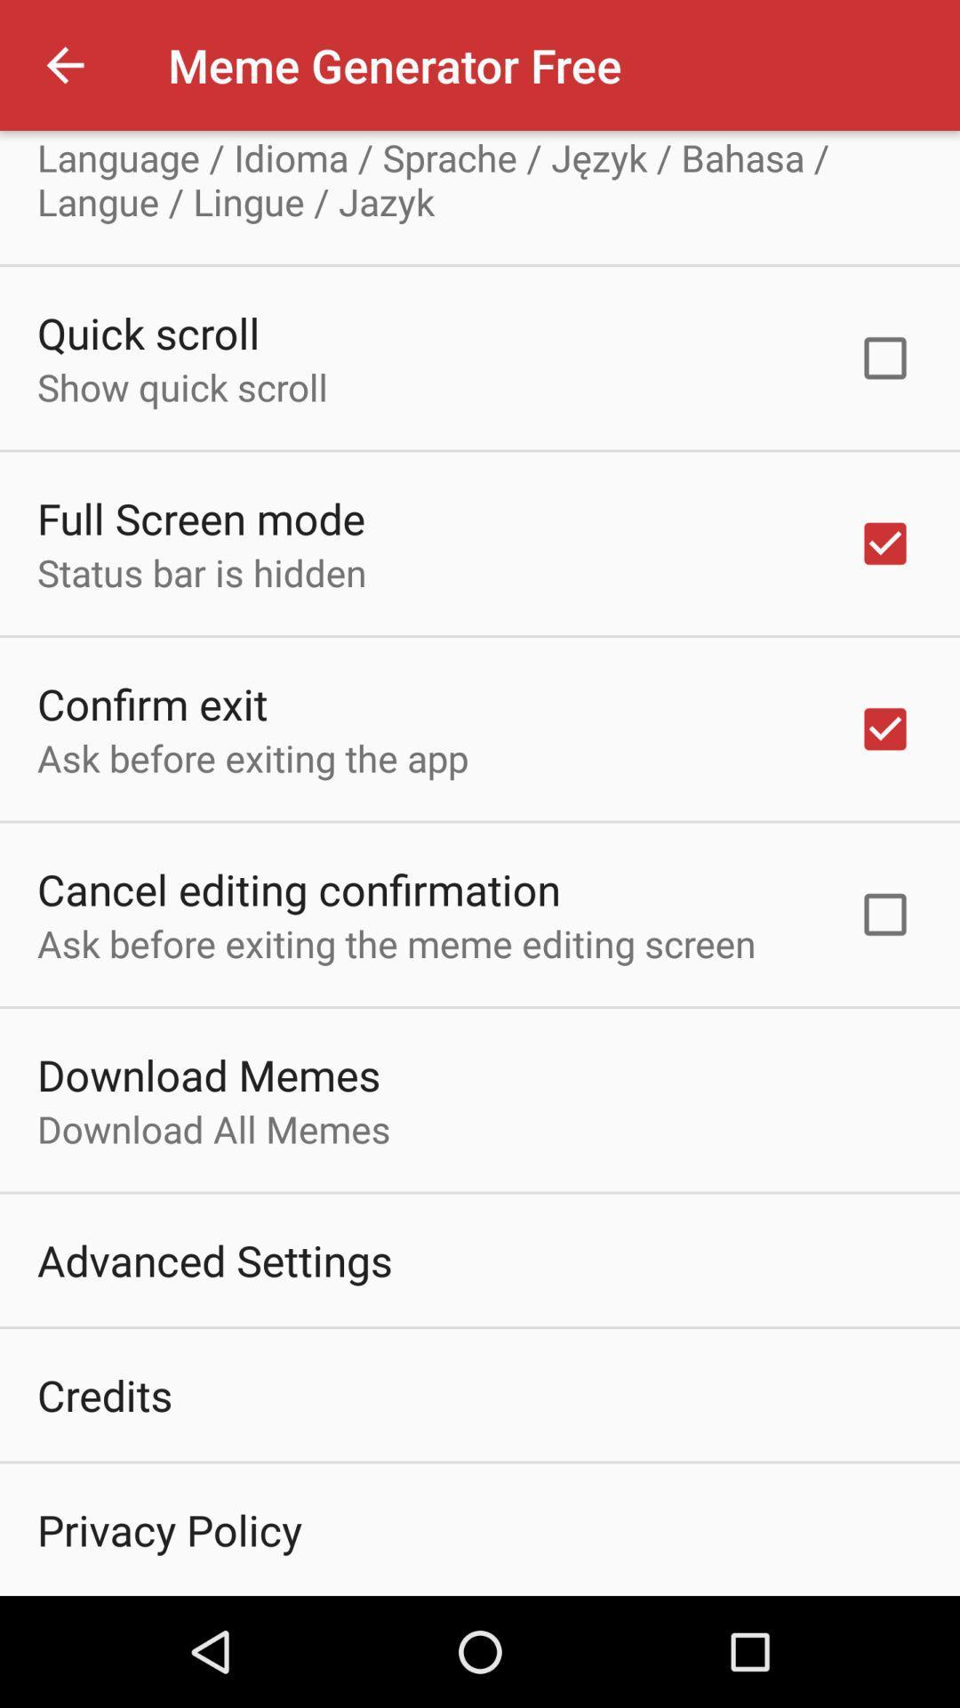  What do you see at coordinates (298, 889) in the screenshot?
I see `icon above ask before exiting item` at bounding box center [298, 889].